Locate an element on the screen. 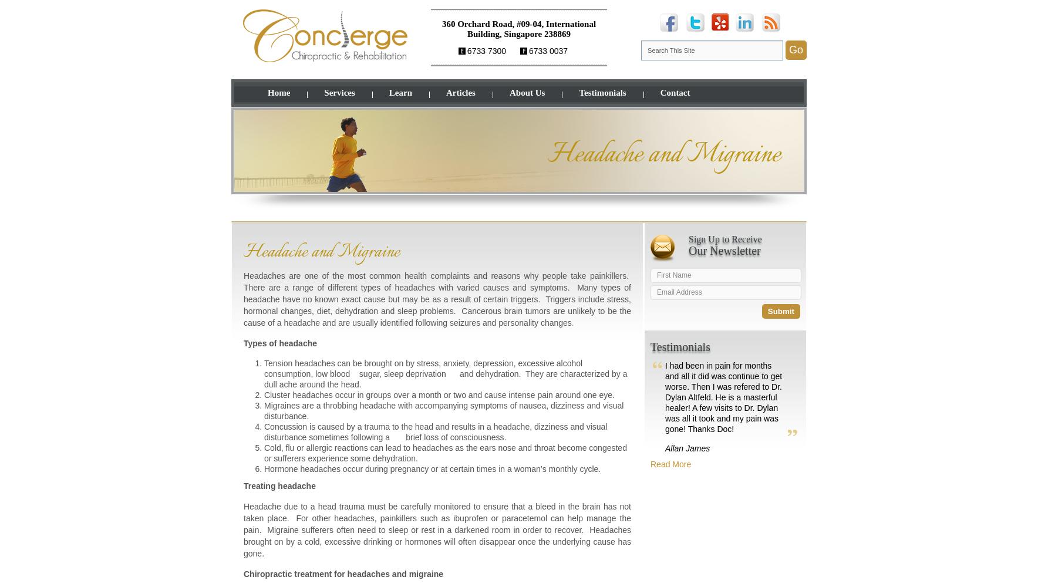 This screenshot has width=1038, height=587. '.' is located at coordinates (572, 323).